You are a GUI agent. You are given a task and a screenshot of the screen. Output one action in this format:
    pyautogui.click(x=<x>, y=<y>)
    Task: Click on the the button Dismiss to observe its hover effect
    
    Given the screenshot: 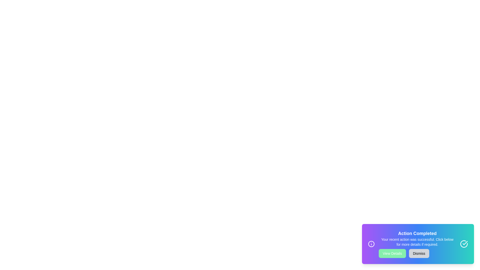 What is the action you would take?
    pyautogui.click(x=419, y=253)
    